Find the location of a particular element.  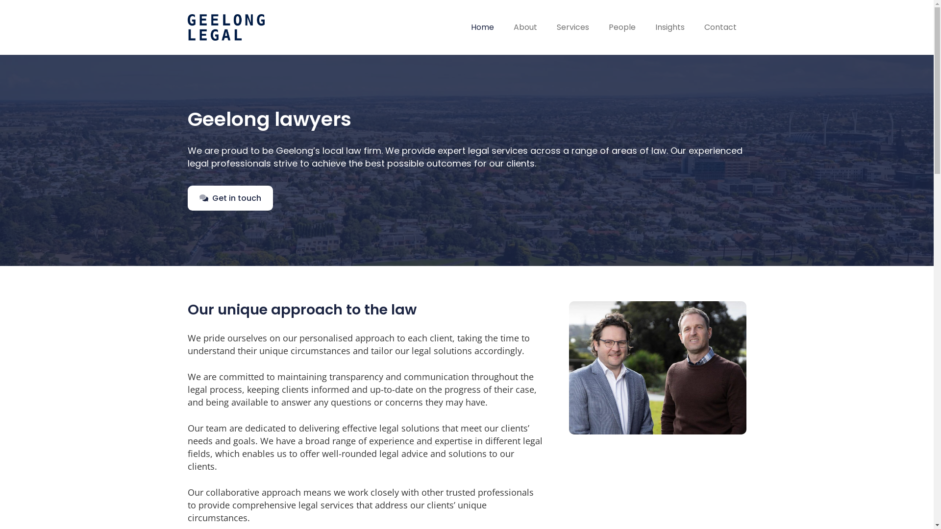

'Services' is located at coordinates (573, 27).